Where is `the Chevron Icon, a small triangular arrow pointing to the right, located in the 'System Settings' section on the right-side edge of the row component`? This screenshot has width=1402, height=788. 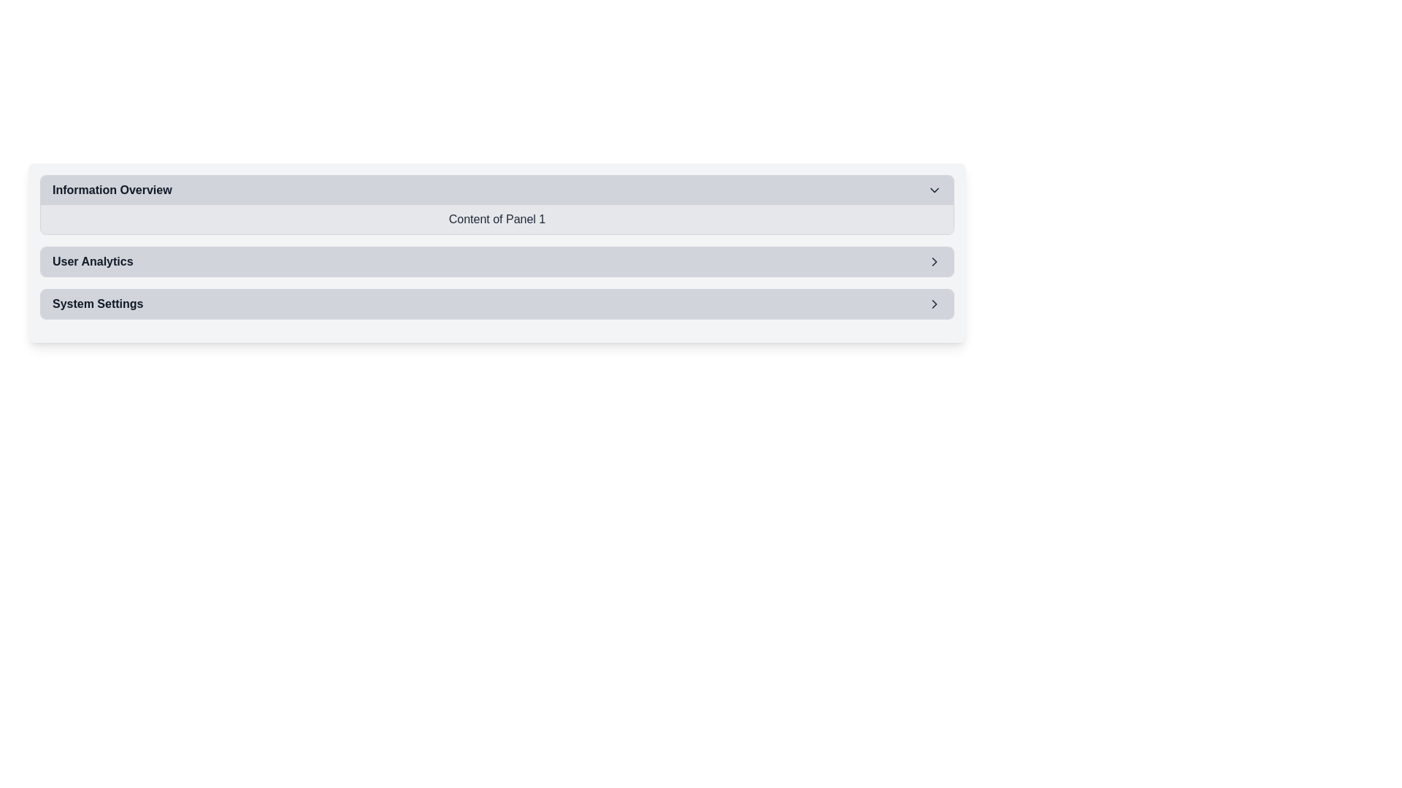 the Chevron Icon, a small triangular arrow pointing to the right, located in the 'System Settings' section on the right-side edge of the row component is located at coordinates (935, 303).